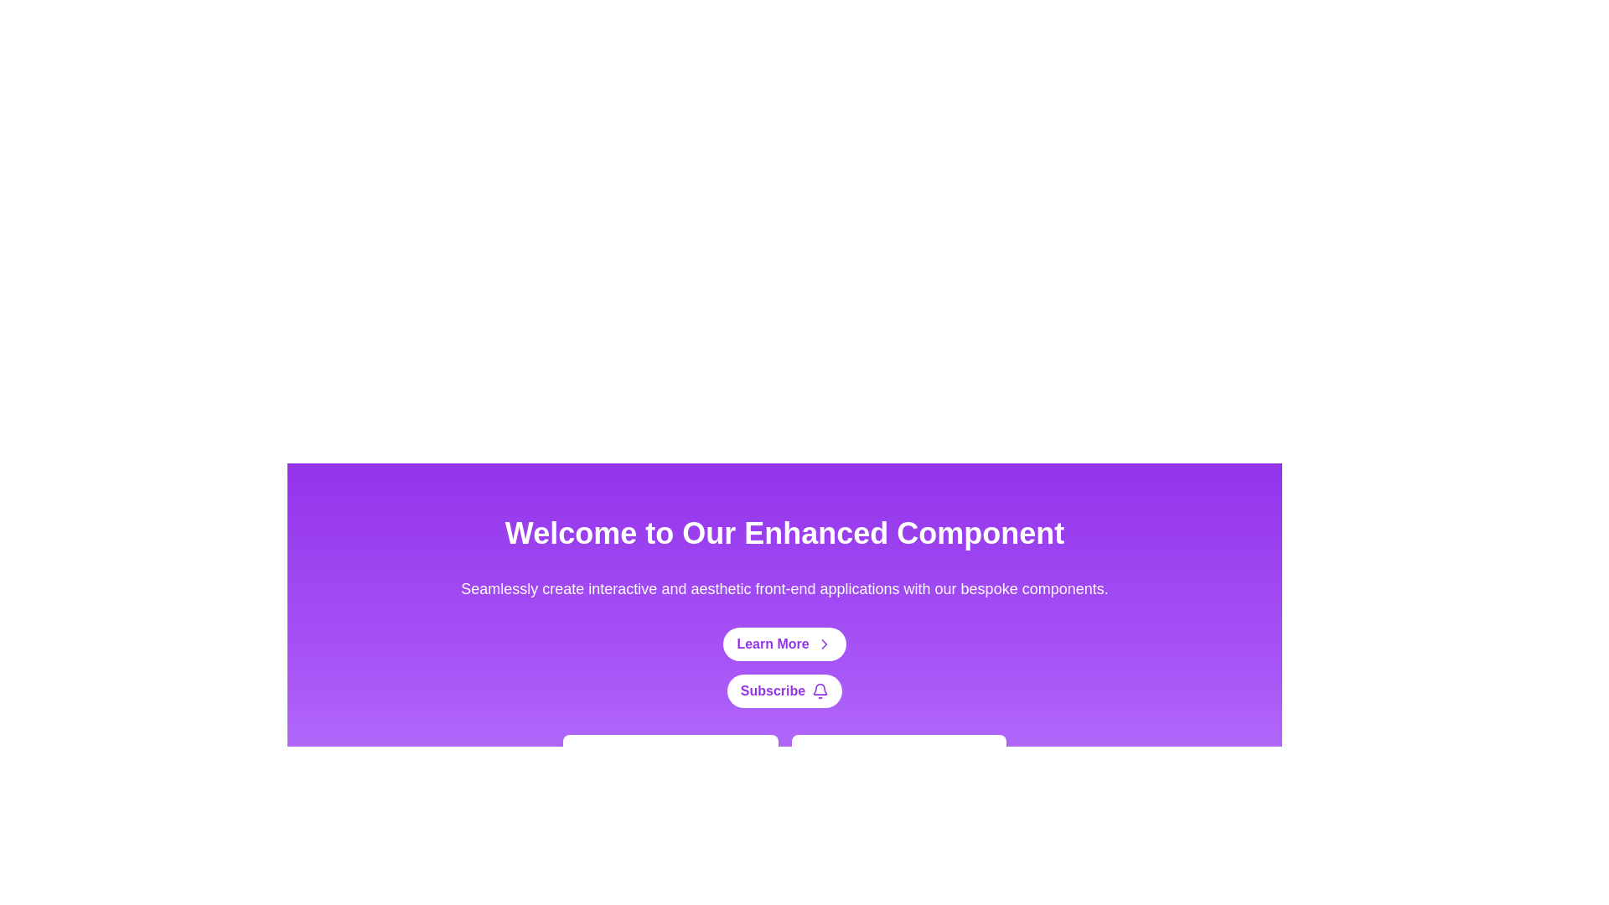 The height and width of the screenshot is (905, 1609). What do you see at coordinates (784, 667) in the screenshot?
I see `the button group located below the headline 'Welcome to Our Enhanced Component' and subheading 'Seamlessly create interactive and aesthetic front-end applications with our bespoke components.'` at bounding box center [784, 667].